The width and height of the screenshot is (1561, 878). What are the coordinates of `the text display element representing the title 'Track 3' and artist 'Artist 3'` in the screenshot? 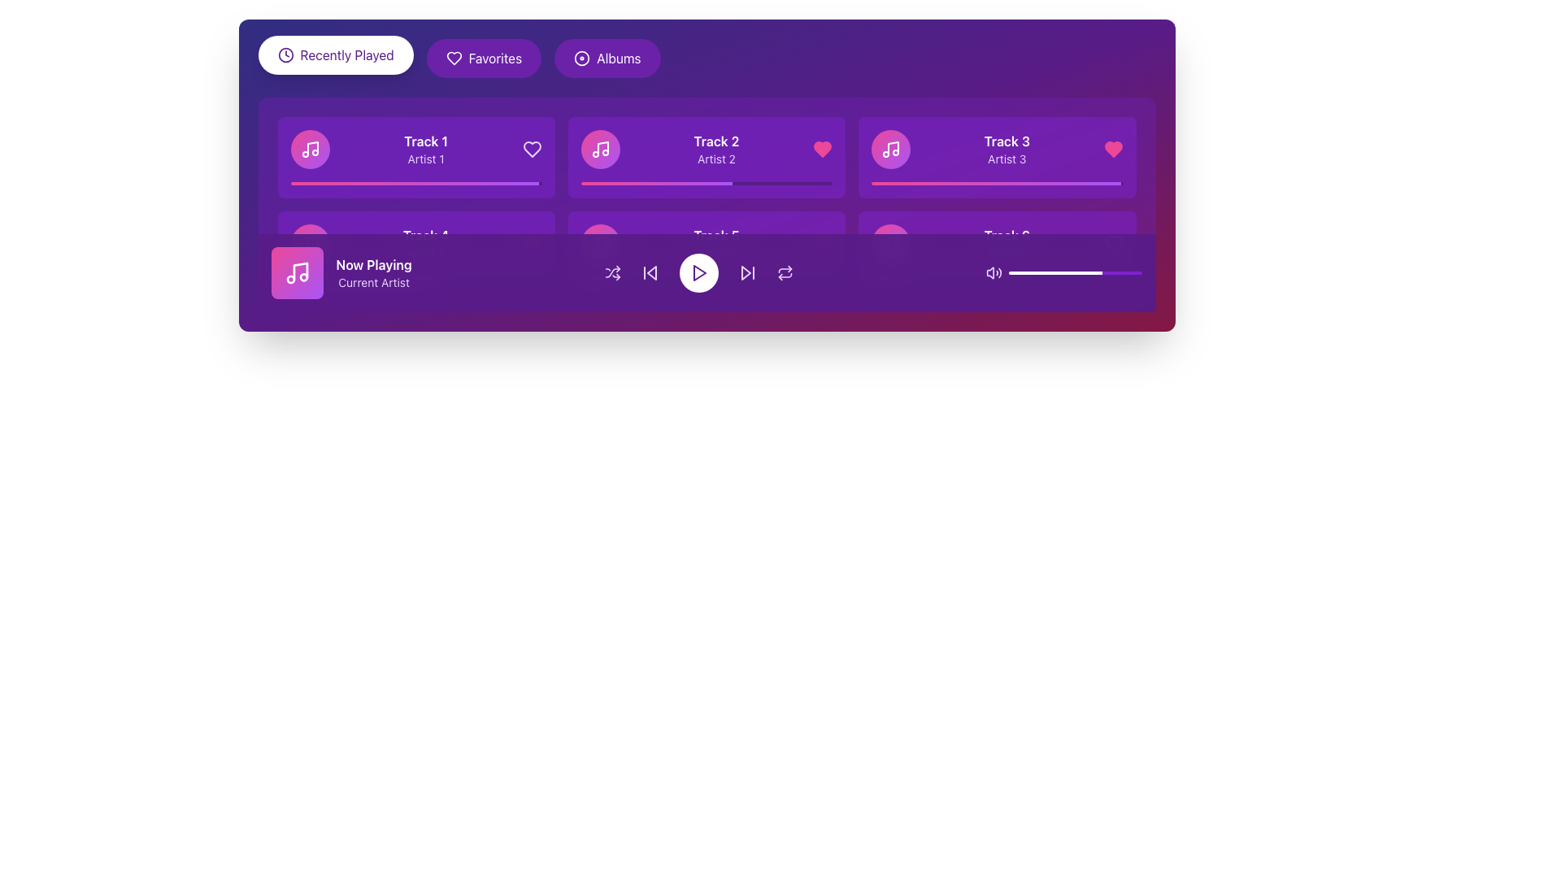 It's located at (1006, 150).